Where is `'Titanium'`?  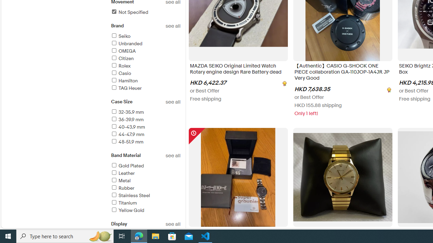 'Titanium' is located at coordinates (145, 203).